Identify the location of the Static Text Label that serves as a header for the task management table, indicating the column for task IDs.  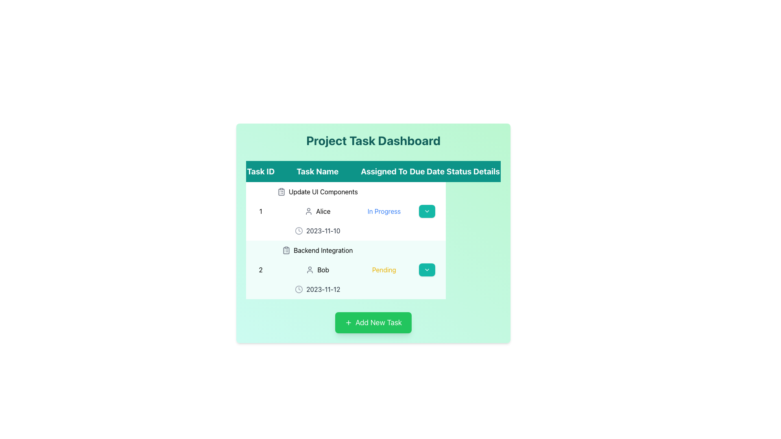
(261, 171).